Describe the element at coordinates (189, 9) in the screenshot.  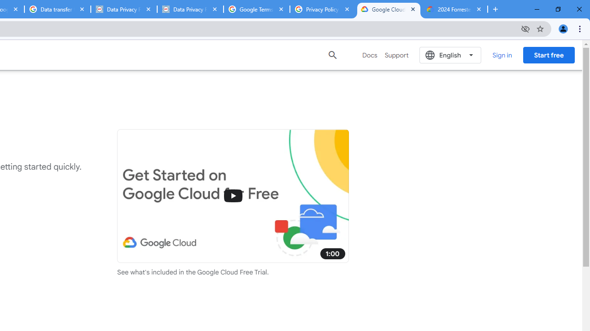
I see `'Data Privacy Framework'` at that location.